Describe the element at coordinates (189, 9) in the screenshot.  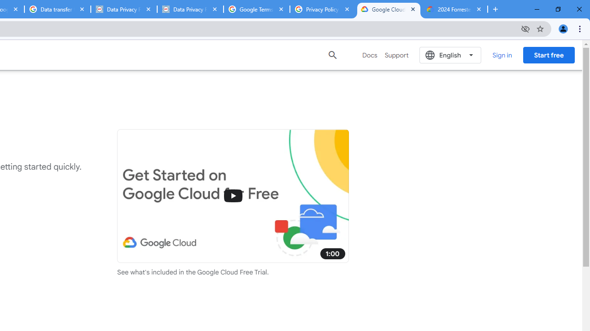
I see `'Data Privacy Framework'` at that location.